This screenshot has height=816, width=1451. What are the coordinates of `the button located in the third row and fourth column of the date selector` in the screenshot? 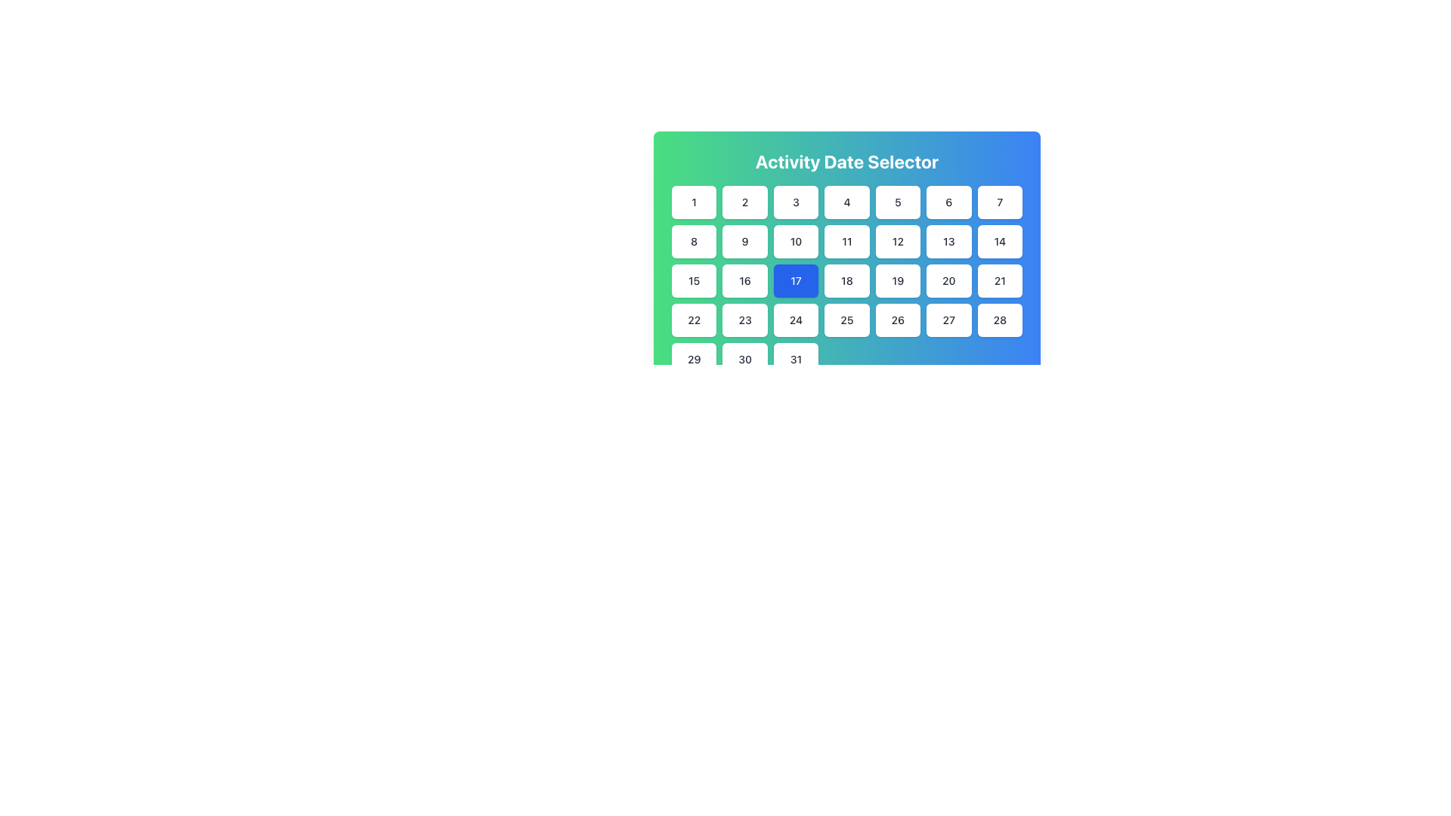 It's located at (846, 280).